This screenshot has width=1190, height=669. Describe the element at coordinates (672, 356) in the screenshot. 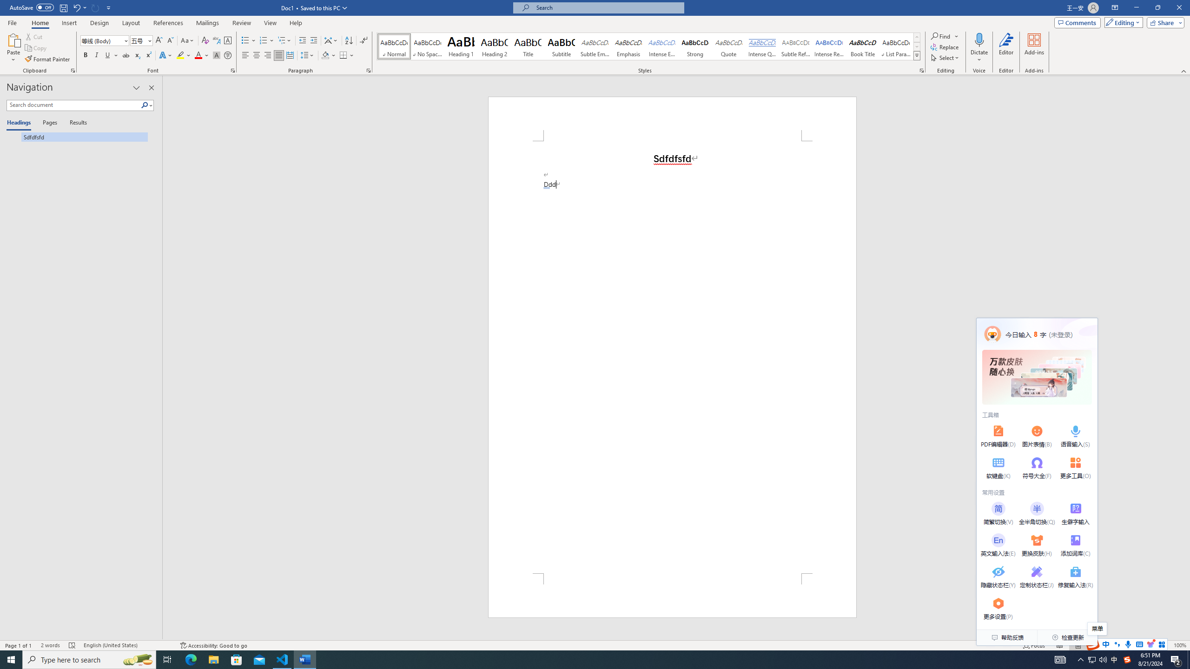

I see `'Page 1 content'` at that location.